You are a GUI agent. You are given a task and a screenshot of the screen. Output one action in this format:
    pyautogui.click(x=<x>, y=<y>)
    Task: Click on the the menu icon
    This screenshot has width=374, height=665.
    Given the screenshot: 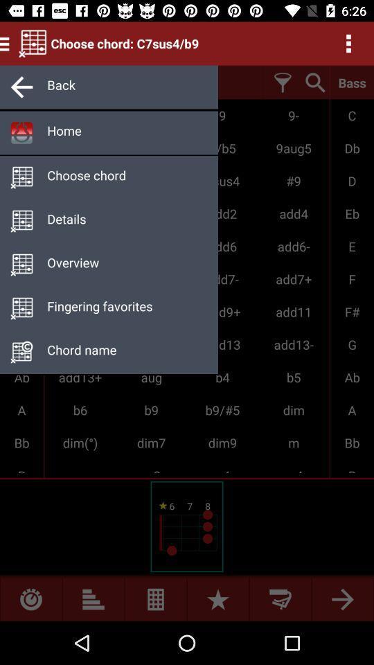 What is the action you would take?
    pyautogui.click(x=6, y=43)
    